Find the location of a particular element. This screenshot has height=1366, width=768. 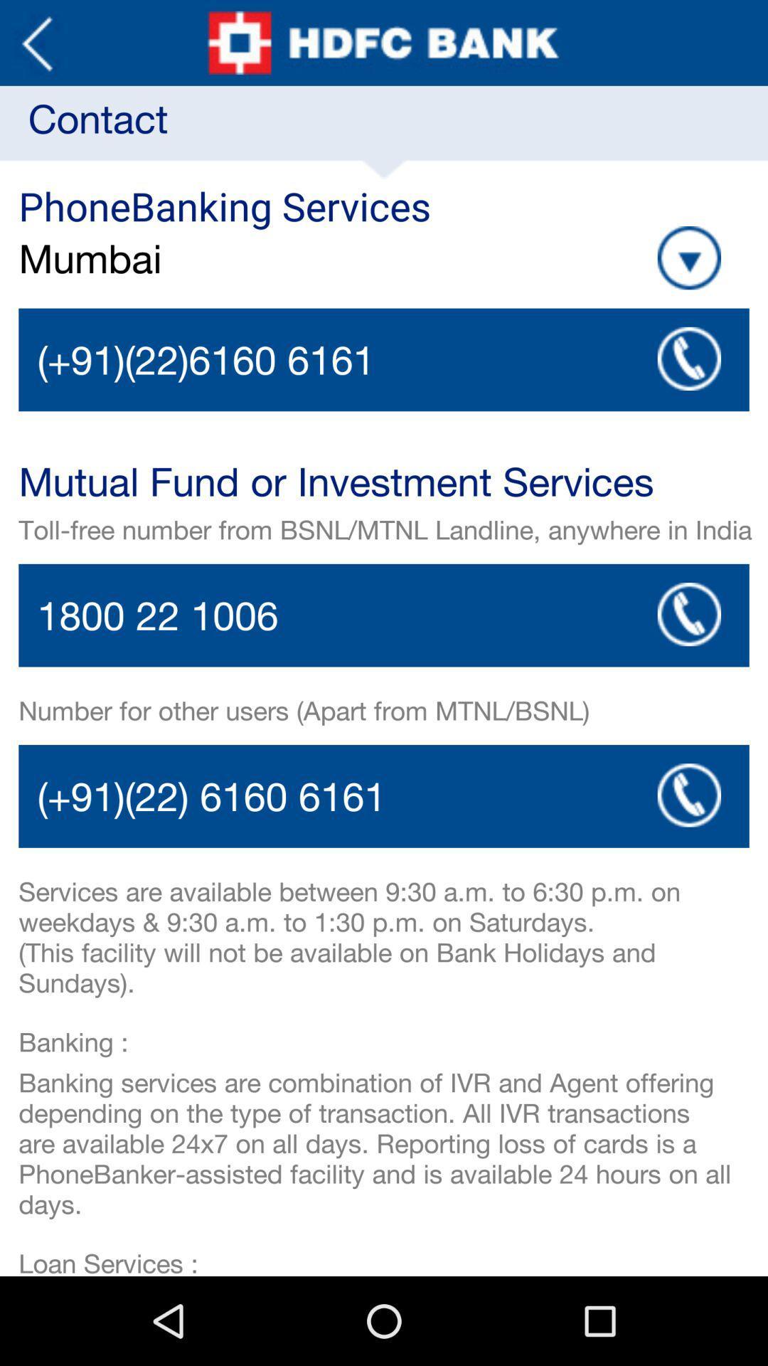

call to is located at coordinates (688, 794).